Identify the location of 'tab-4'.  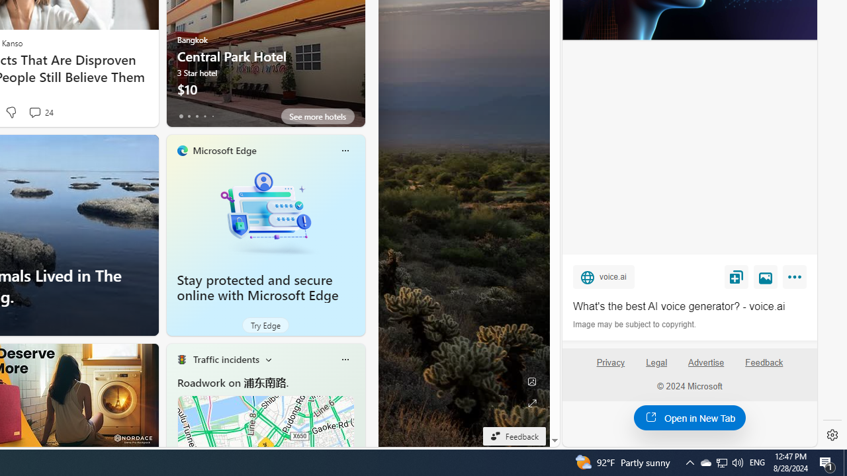
(212, 116).